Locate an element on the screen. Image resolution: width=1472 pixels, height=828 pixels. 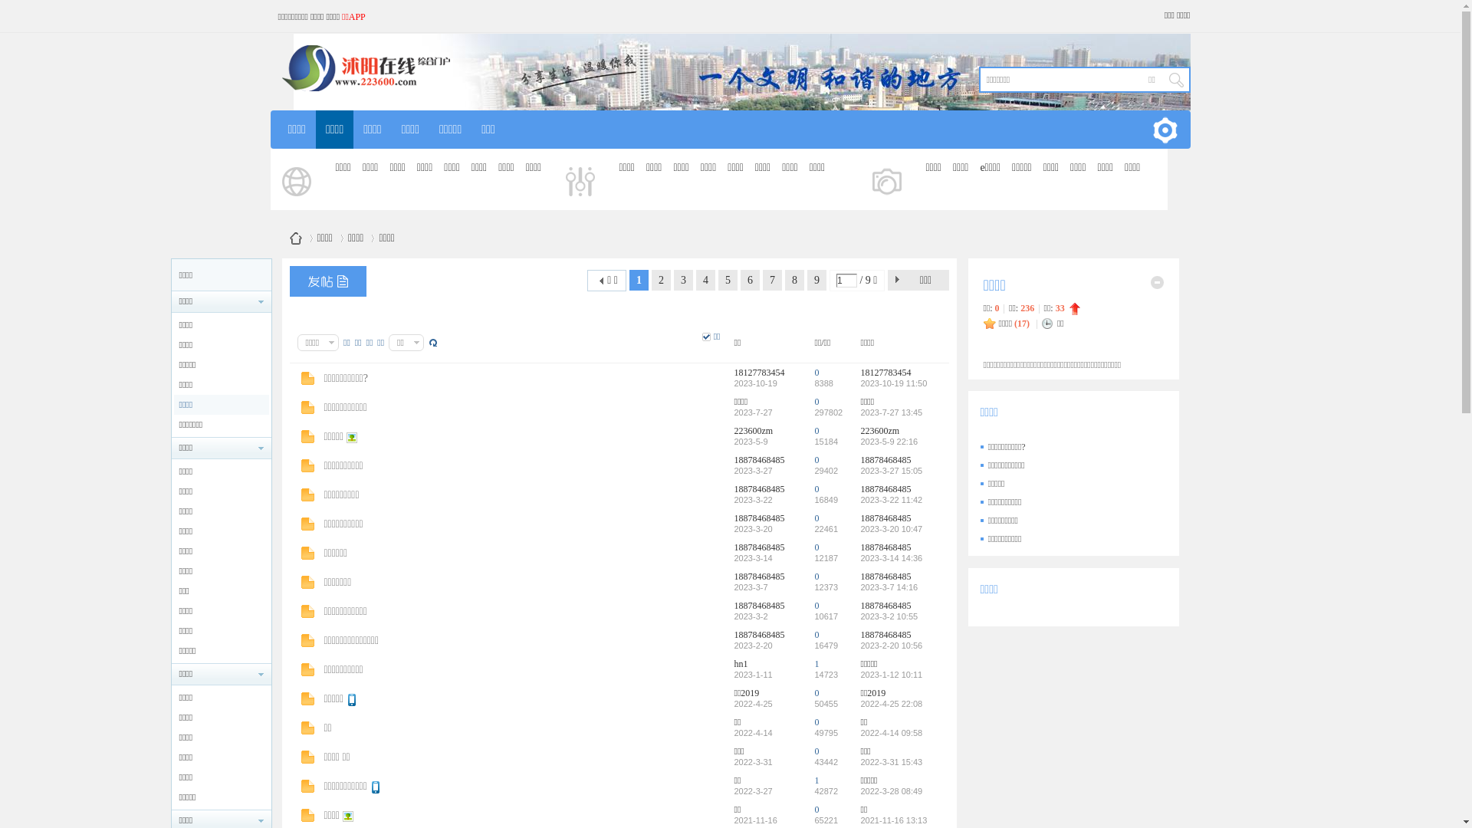
'7' is located at coordinates (772, 280).